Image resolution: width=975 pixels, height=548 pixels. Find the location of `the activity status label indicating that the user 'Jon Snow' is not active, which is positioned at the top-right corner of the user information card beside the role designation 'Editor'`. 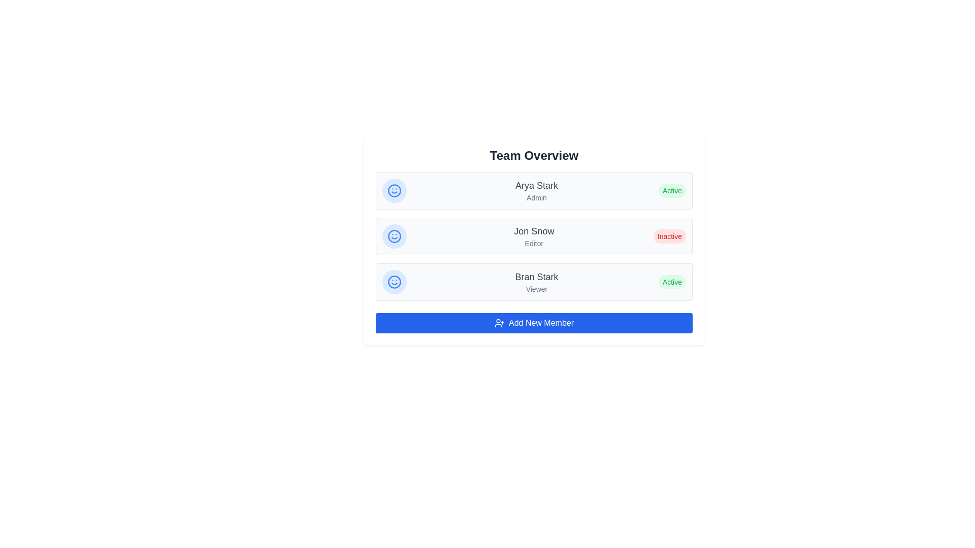

the activity status label indicating that the user 'Jon Snow' is not active, which is positioned at the top-right corner of the user information card beside the role designation 'Editor' is located at coordinates (669, 236).